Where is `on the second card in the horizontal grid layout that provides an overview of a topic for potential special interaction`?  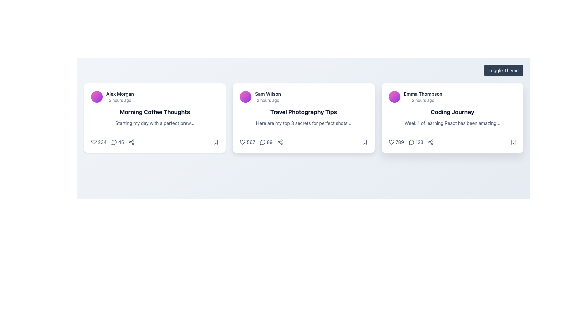
on the second card in the horizontal grid layout that provides an overview of a topic for potential special interaction is located at coordinates (304, 118).